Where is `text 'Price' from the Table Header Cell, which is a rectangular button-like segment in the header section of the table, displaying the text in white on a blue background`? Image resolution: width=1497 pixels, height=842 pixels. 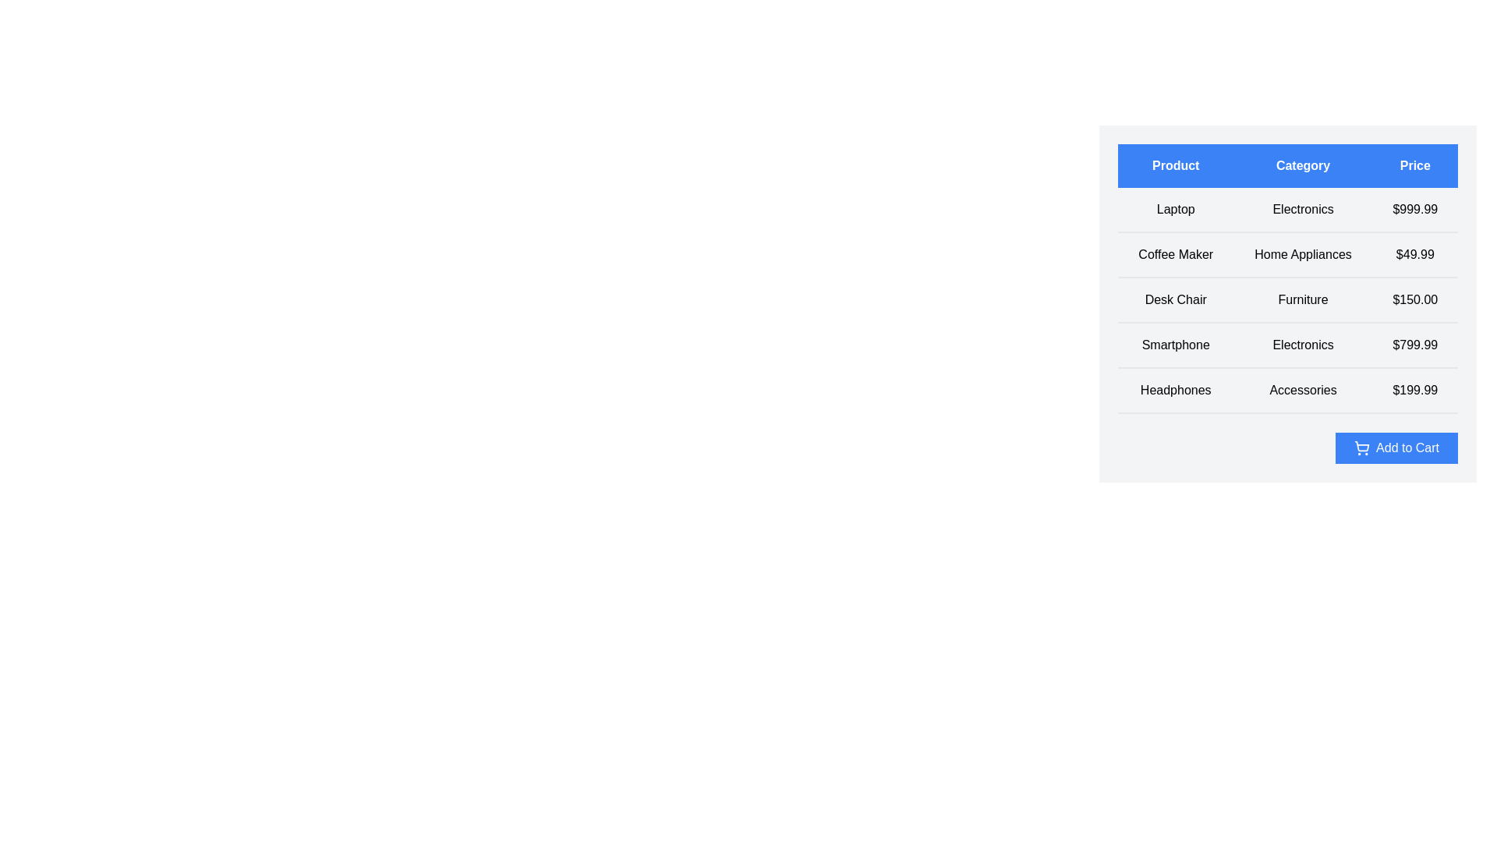
text 'Price' from the Table Header Cell, which is a rectangular button-like segment in the header section of the table, displaying the text in white on a blue background is located at coordinates (1415, 165).